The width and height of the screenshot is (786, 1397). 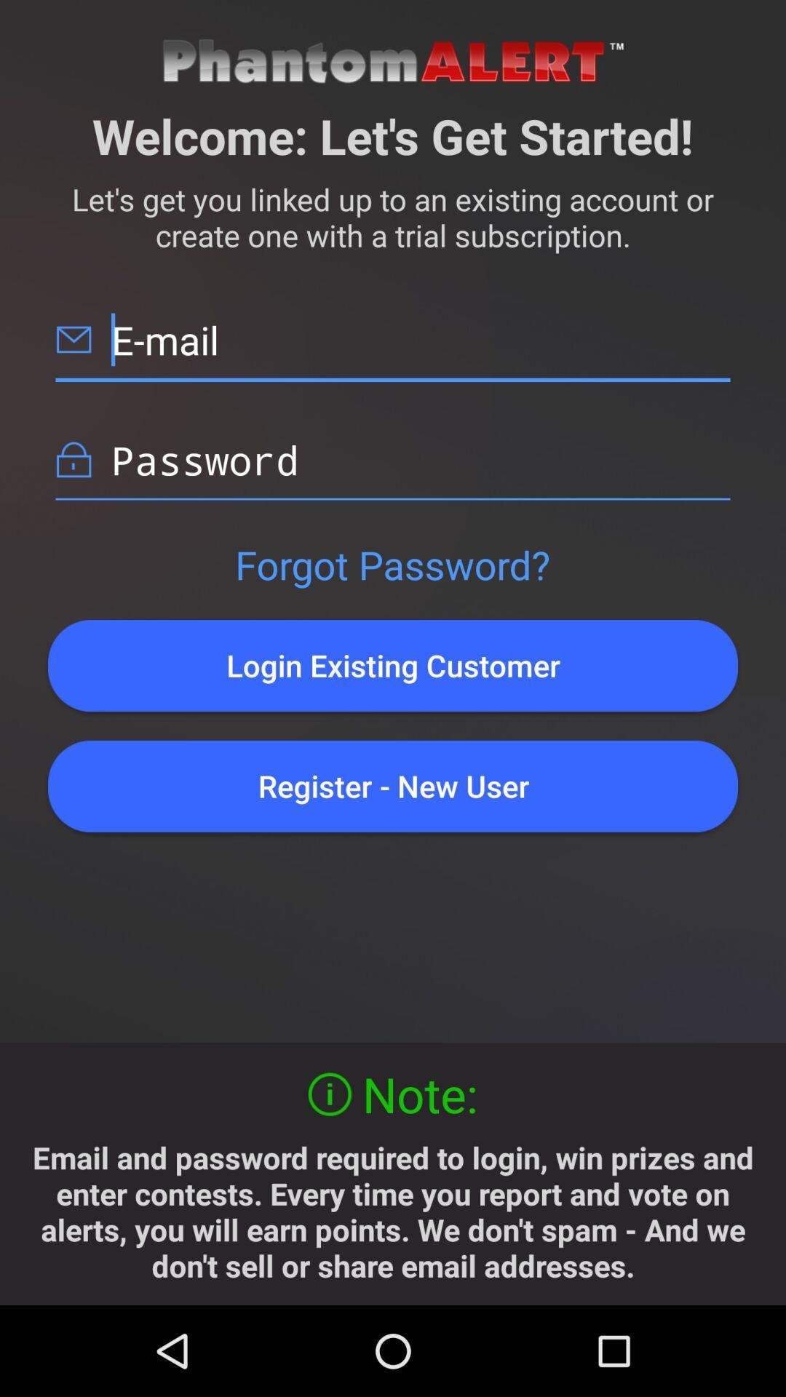 What do you see at coordinates (393, 785) in the screenshot?
I see `button below the login existing customer` at bounding box center [393, 785].